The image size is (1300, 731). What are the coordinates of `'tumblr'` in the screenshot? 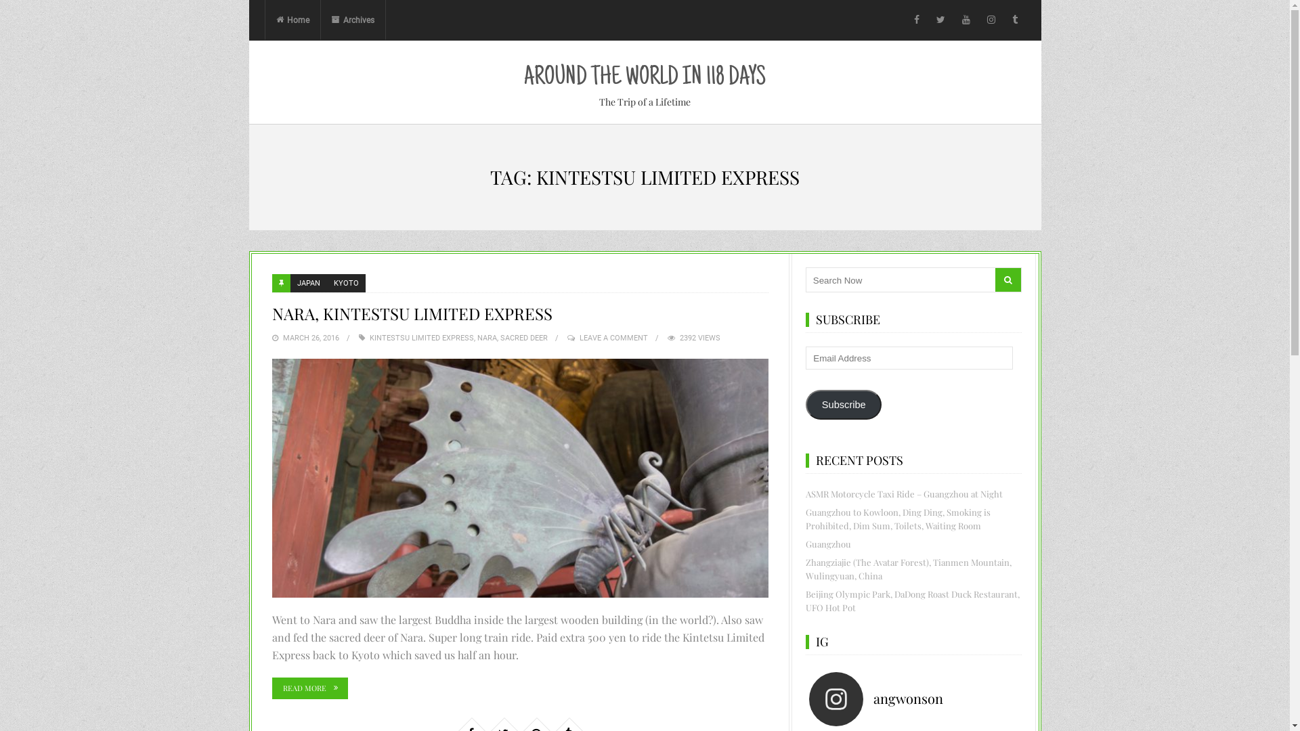 It's located at (1014, 20).